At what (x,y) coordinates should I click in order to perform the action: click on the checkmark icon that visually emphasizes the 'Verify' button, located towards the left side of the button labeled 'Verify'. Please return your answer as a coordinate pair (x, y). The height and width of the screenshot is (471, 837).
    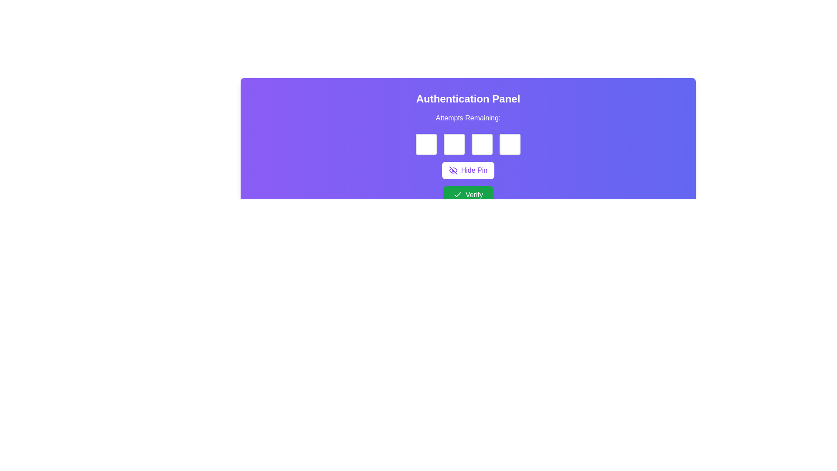
    Looking at the image, I should click on (457, 195).